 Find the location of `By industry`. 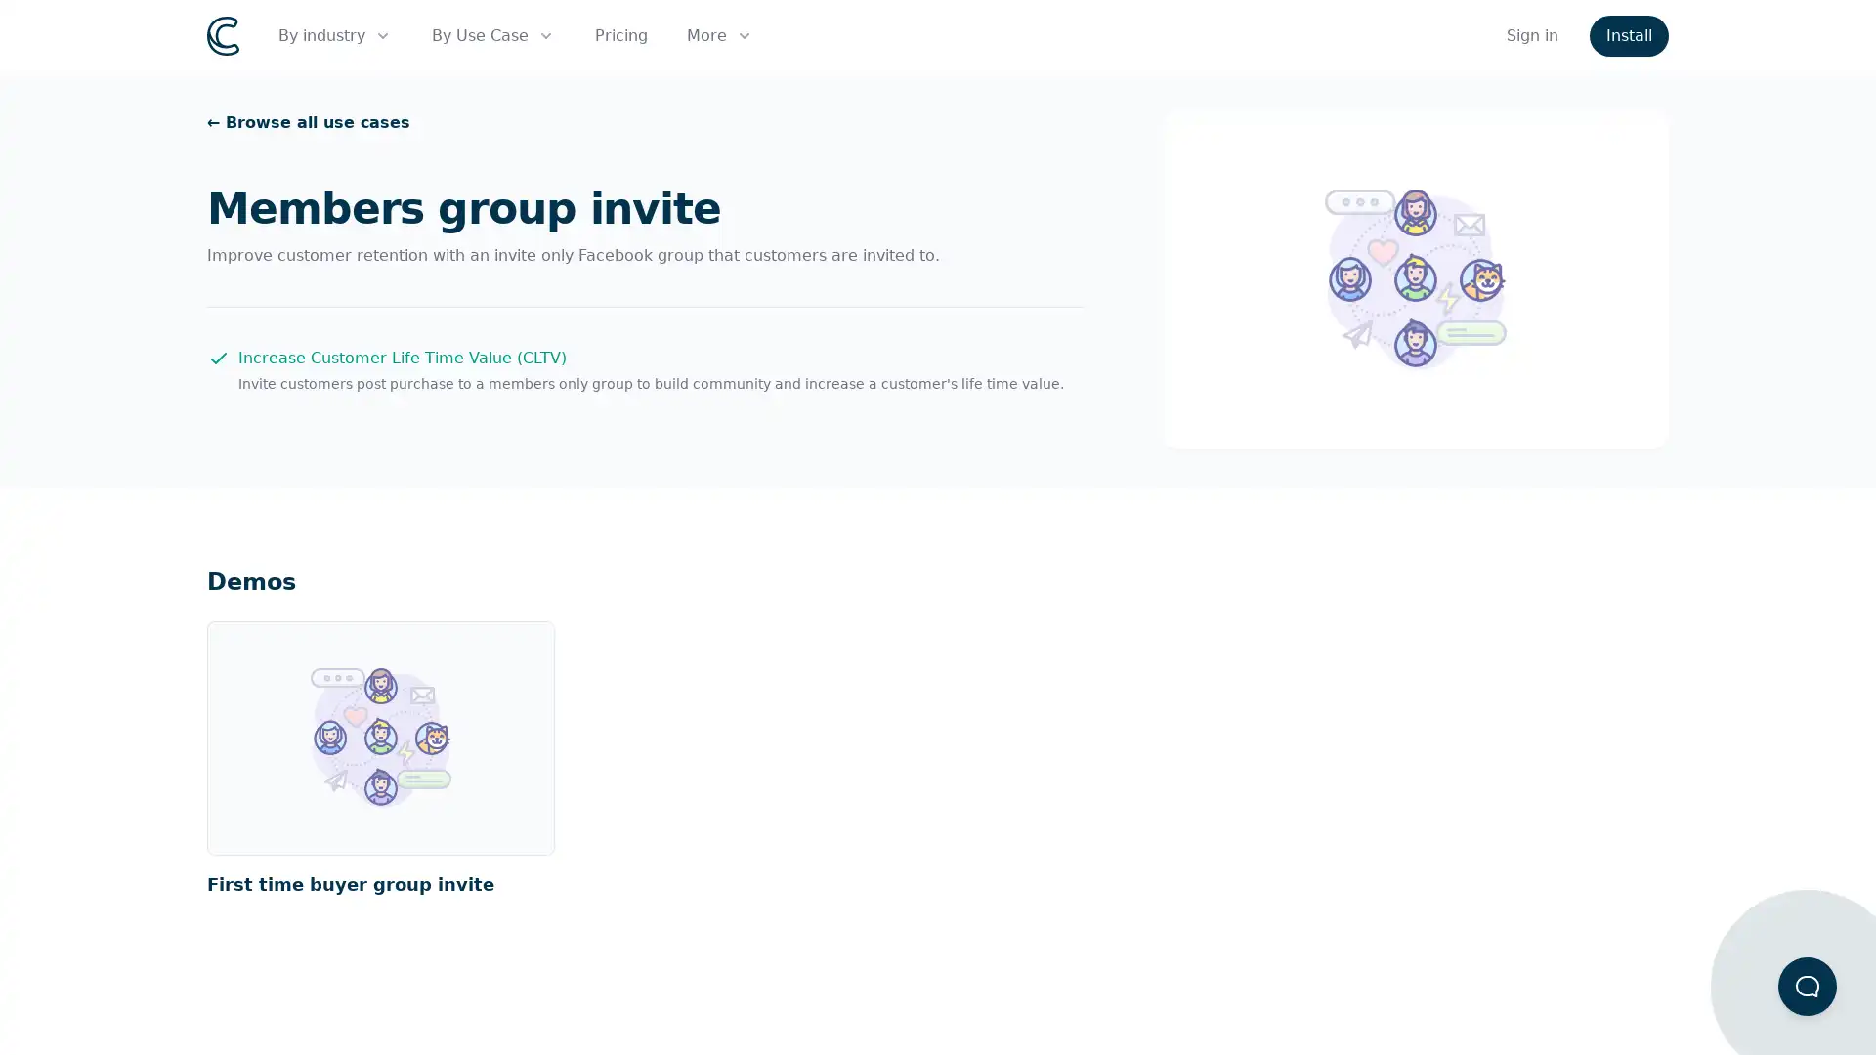

By industry is located at coordinates (335, 36).